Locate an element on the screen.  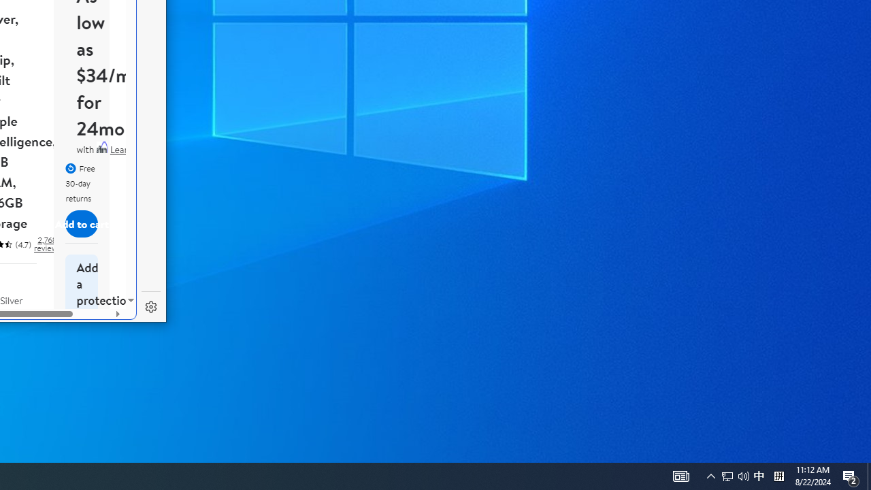
'Affirm' is located at coordinates (101, 147).